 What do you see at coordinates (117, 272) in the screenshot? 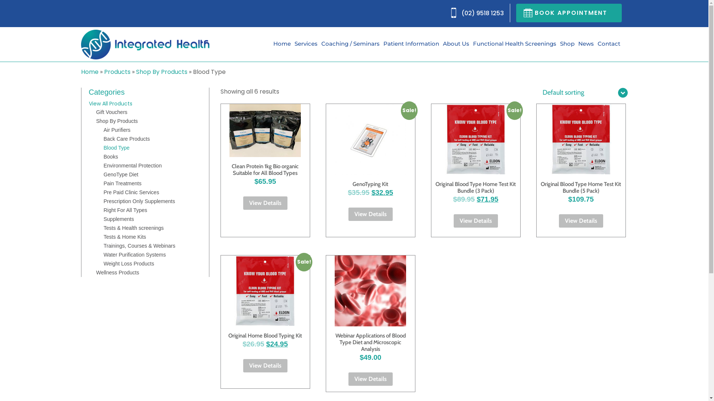
I see `'Wellness Products'` at bounding box center [117, 272].